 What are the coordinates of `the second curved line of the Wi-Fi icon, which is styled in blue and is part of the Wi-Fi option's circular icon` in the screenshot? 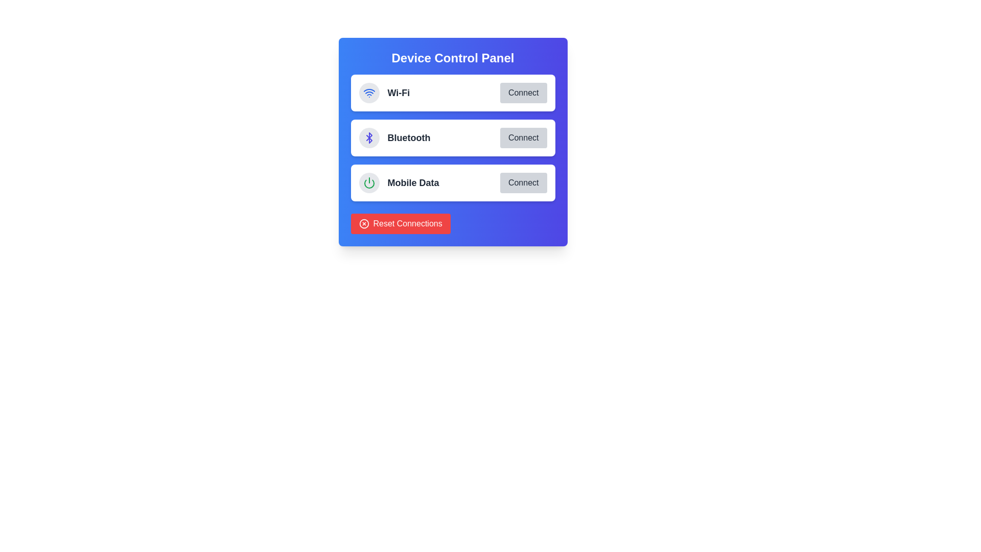 It's located at (368, 89).